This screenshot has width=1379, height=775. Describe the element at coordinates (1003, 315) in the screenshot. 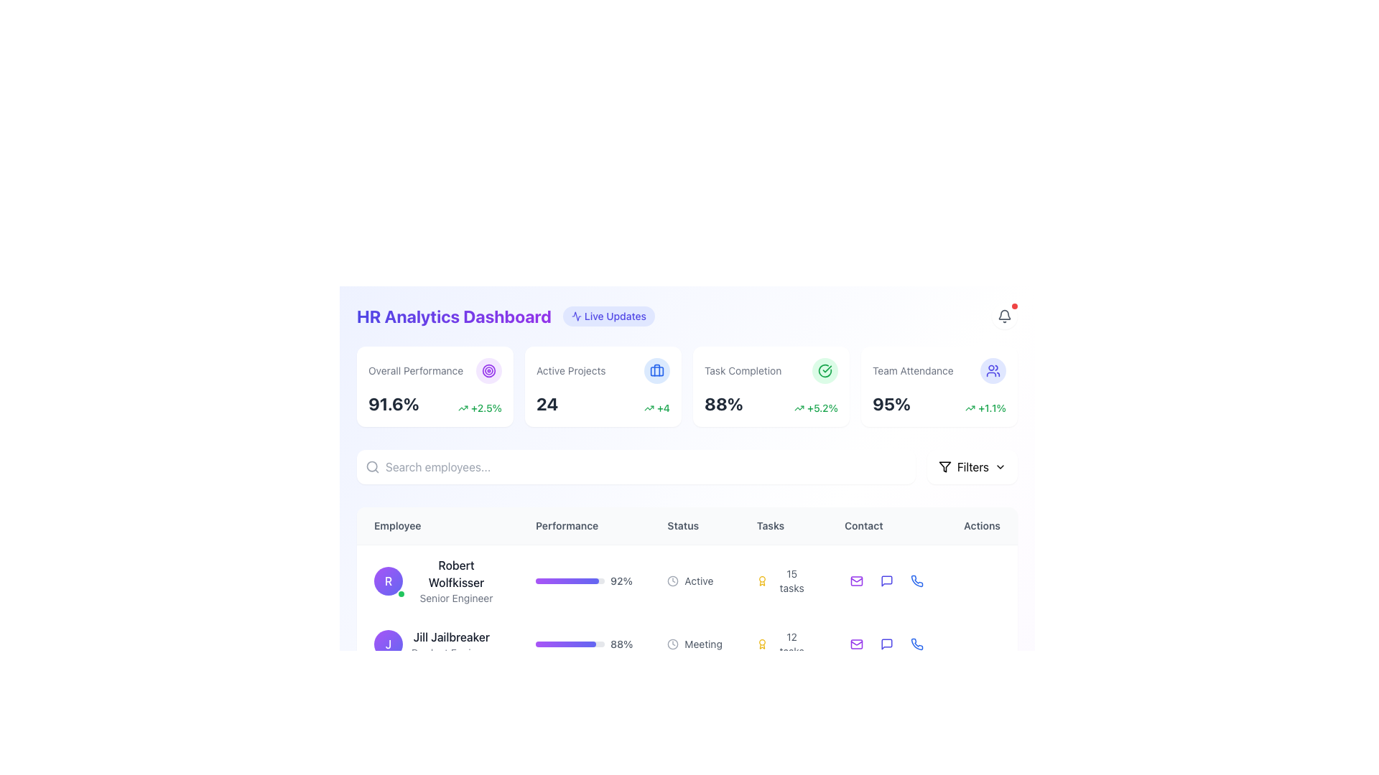

I see `the notification icon located in the top-right corner of the interface` at that location.